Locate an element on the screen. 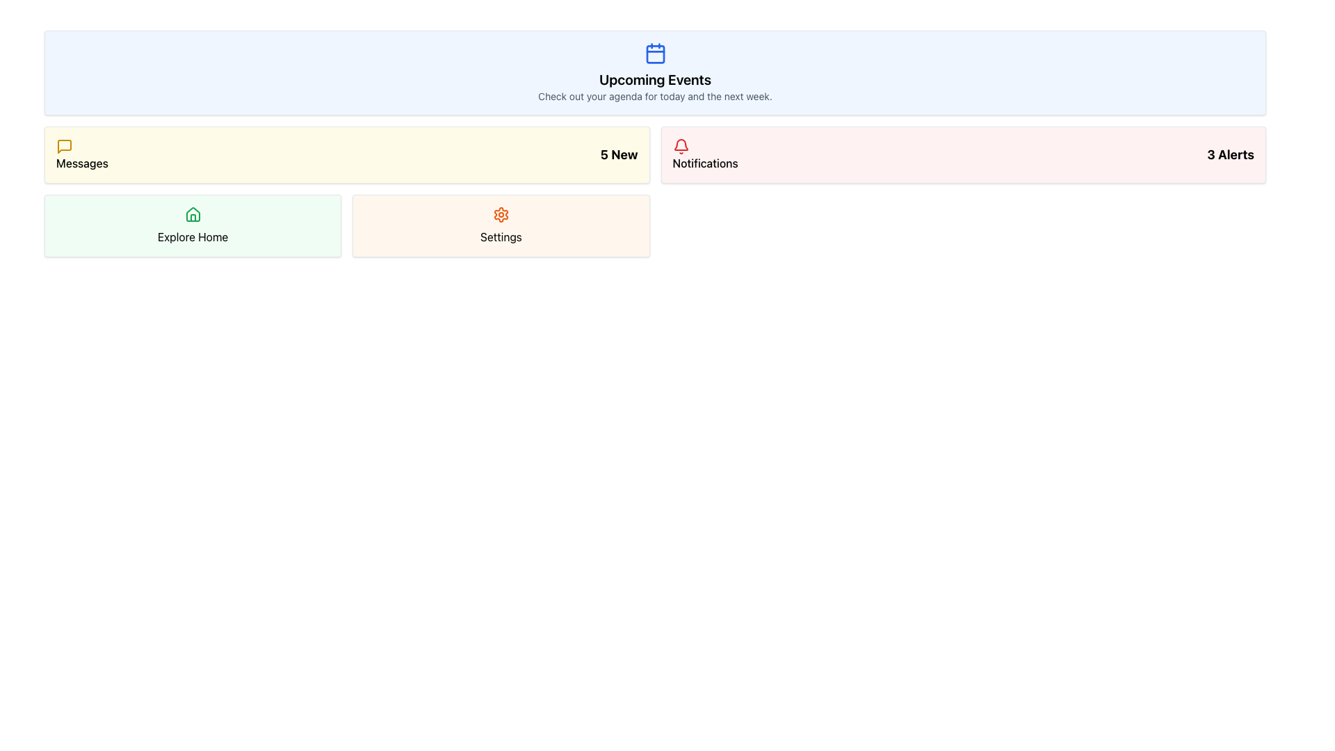 This screenshot has height=751, width=1335. text label 'Notifications' displayed in bold font style within the light pink rectangular section of the notification panel, located in the upper-right section next to the bell icon is located at coordinates (705, 163).